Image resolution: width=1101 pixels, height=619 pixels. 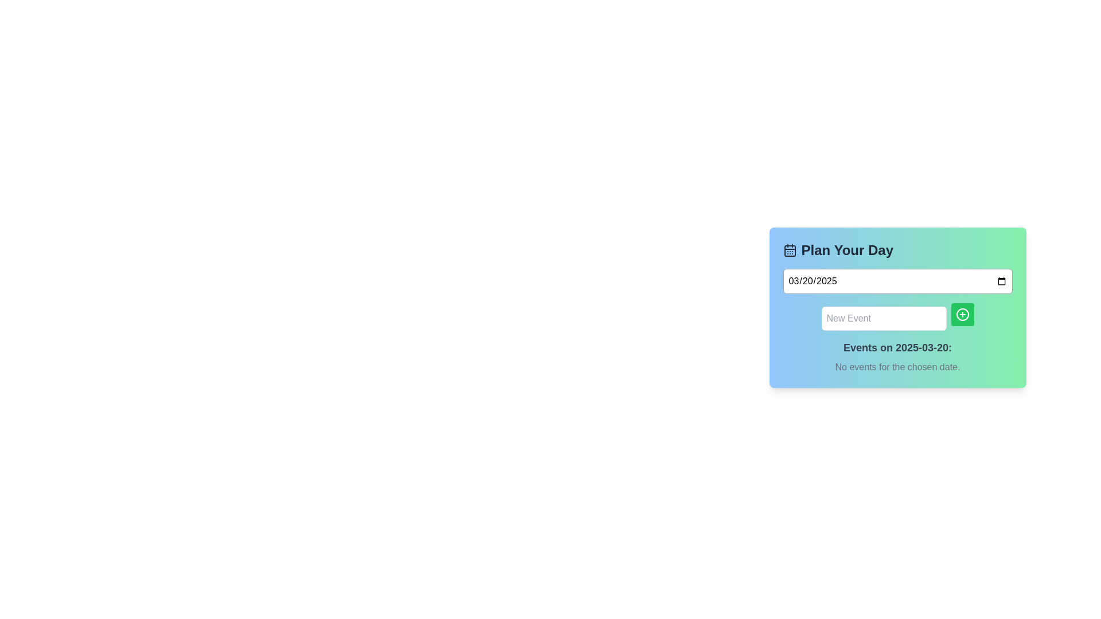 I want to click on the central rectangle of the calendar icon within the 'Plan Your Day' card, so click(x=789, y=250).